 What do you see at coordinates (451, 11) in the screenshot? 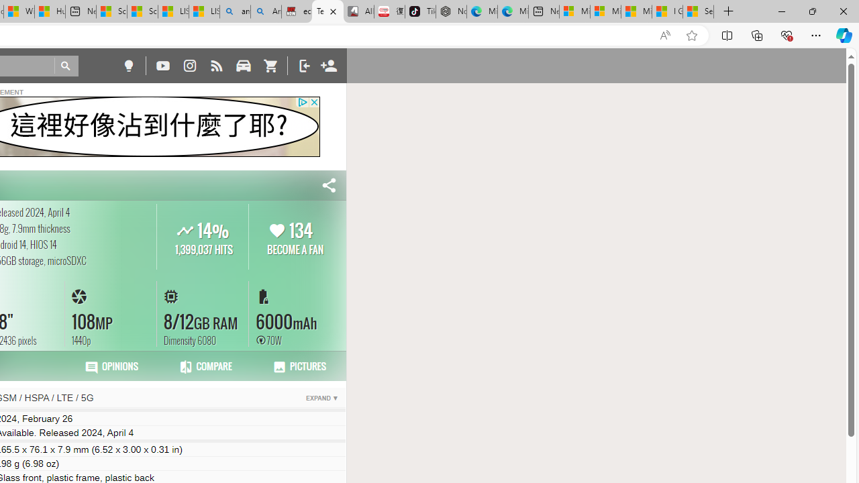
I see `'Nordace - Best Sellers'` at bounding box center [451, 11].